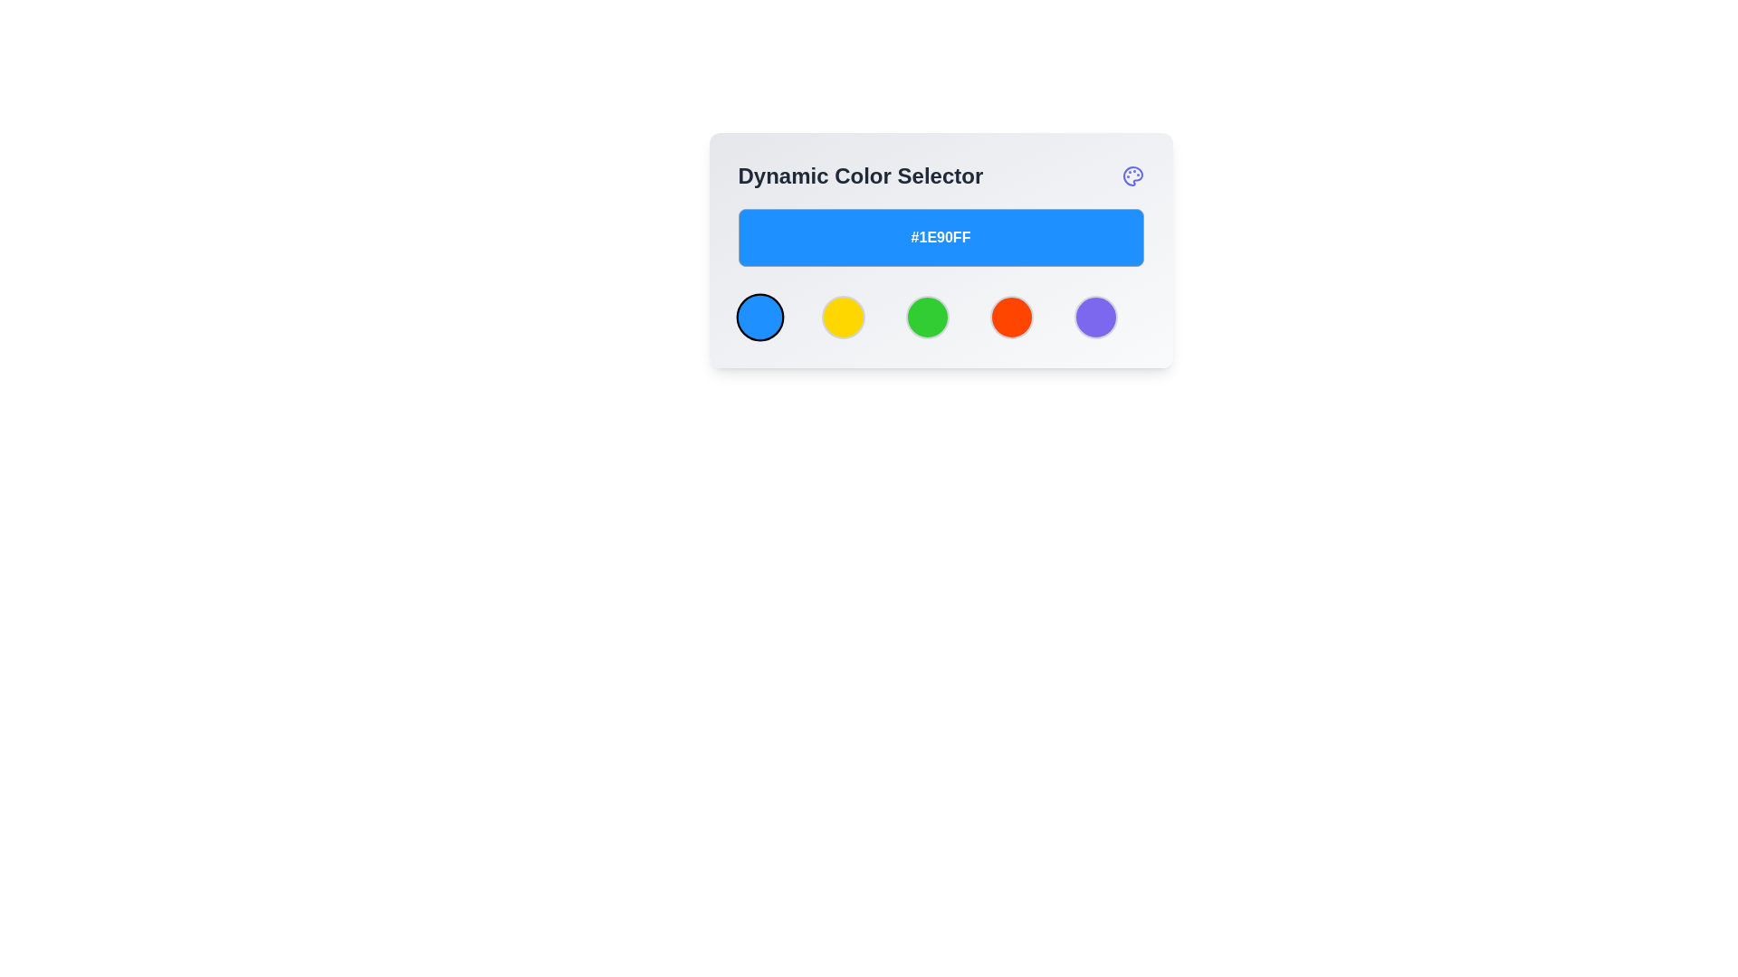 The height and width of the screenshot is (977, 1738). Describe the element at coordinates (941, 317) in the screenshot. I see `the third circular interactive button with a vivid green fill color (#32CD32) and a gray border, located below the blue rectangle labeled '#1E90FF'` at that location.